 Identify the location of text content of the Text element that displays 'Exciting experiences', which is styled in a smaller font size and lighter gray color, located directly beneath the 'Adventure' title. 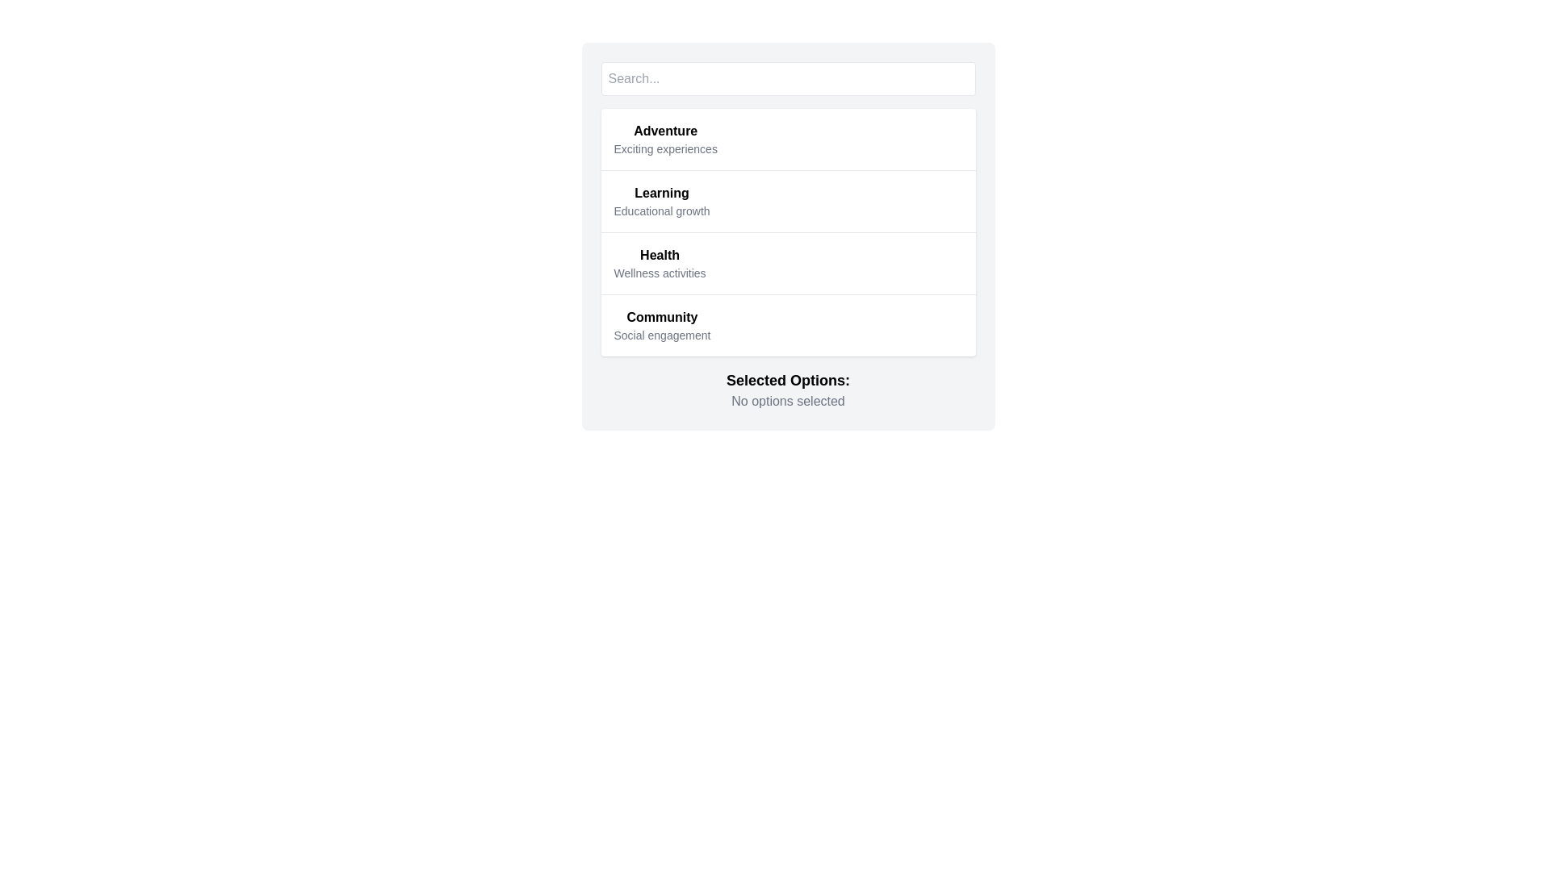
(665, 149).